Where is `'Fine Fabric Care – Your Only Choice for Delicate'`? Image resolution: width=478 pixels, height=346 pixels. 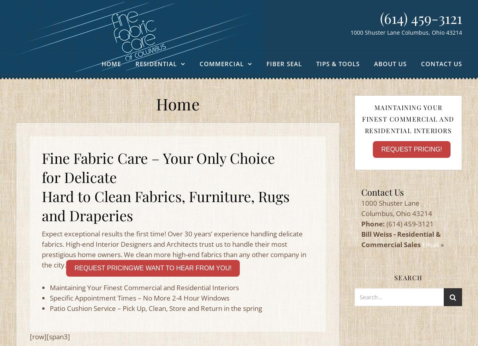
'Fine Fabric Care – Your Only Choice for Delicate' is located at coordinates (158, 167).